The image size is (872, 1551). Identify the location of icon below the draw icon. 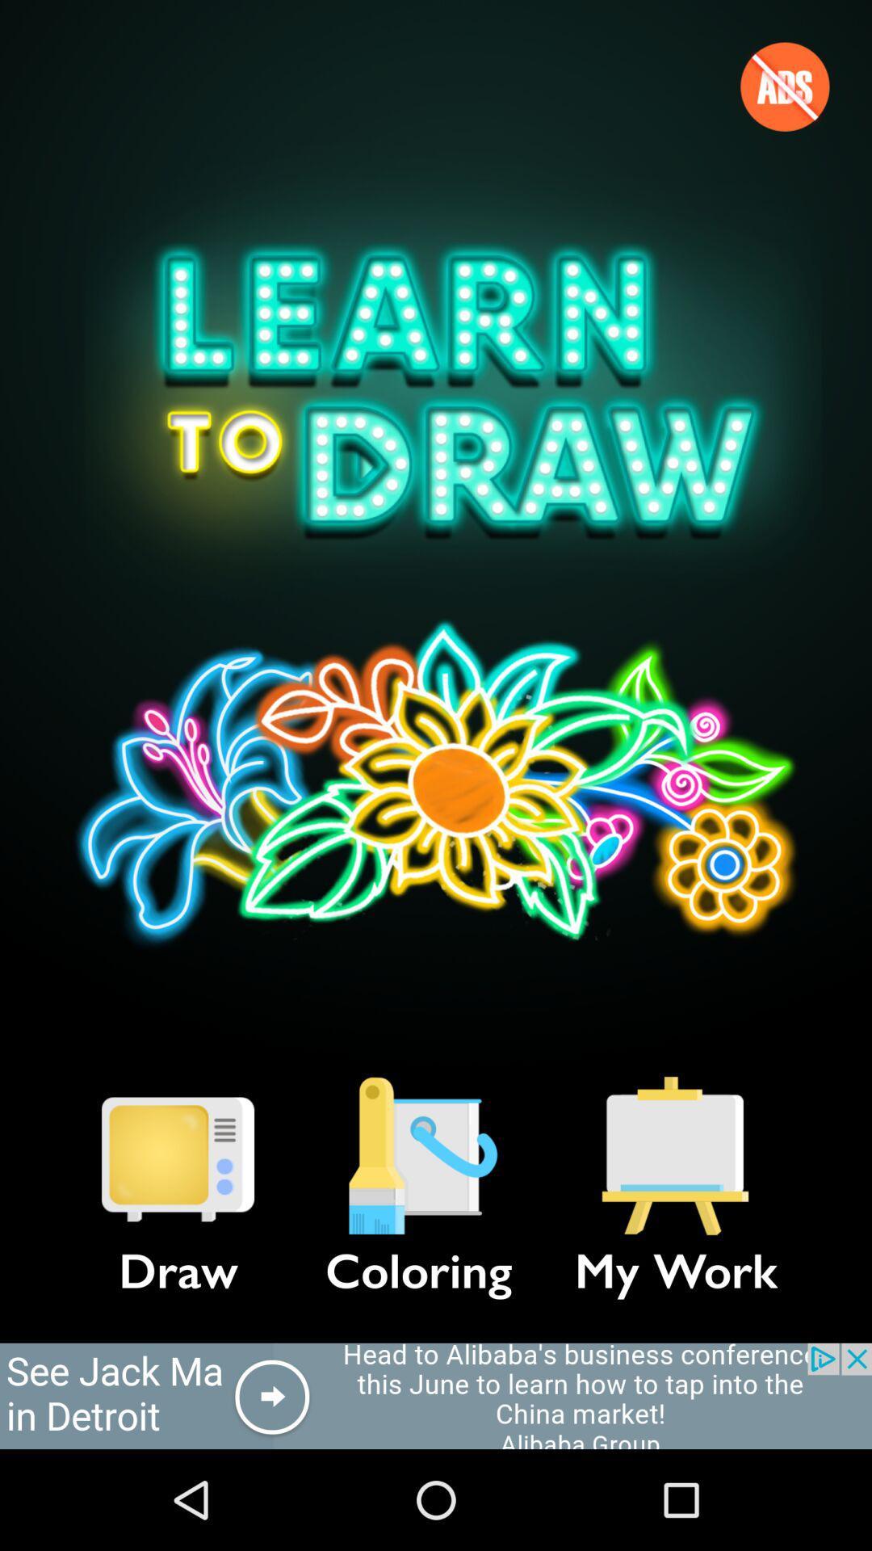
(436, 1395).